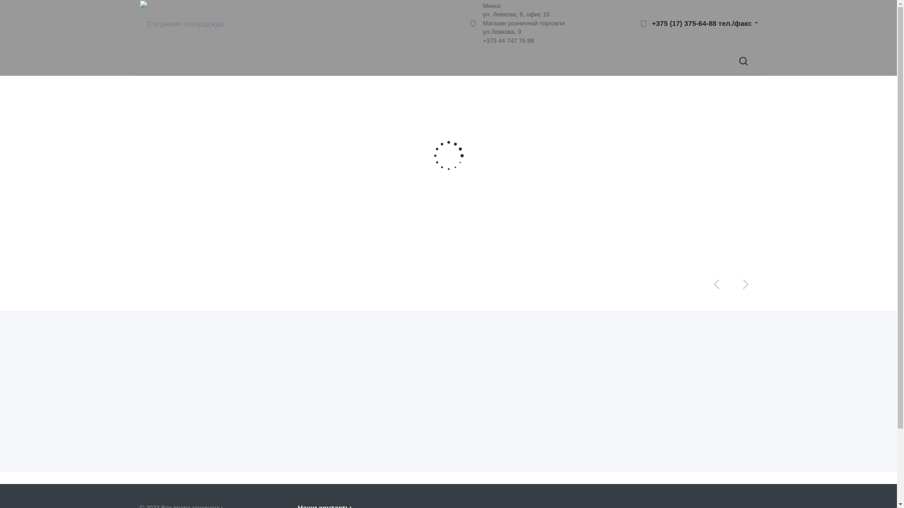  I want to click on 'Prev', so click(716, 284).